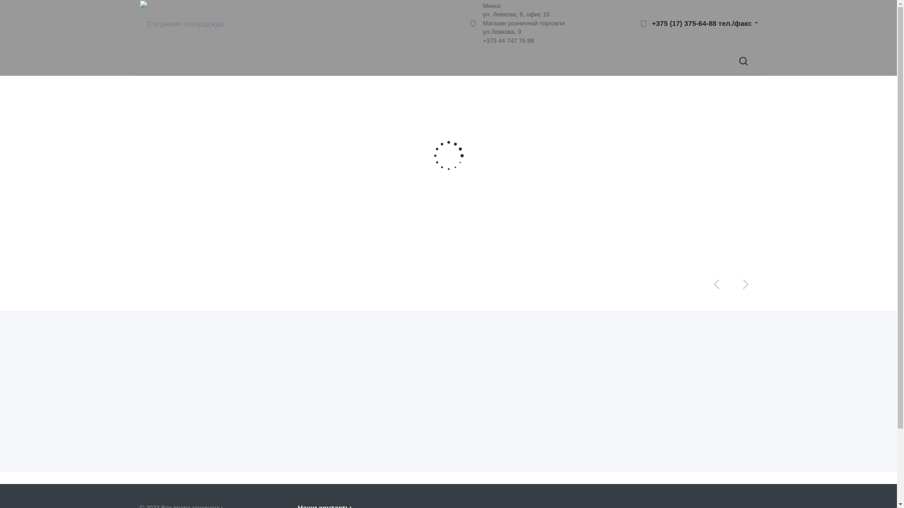  I want to click on 'Prev', so click(716, 284).